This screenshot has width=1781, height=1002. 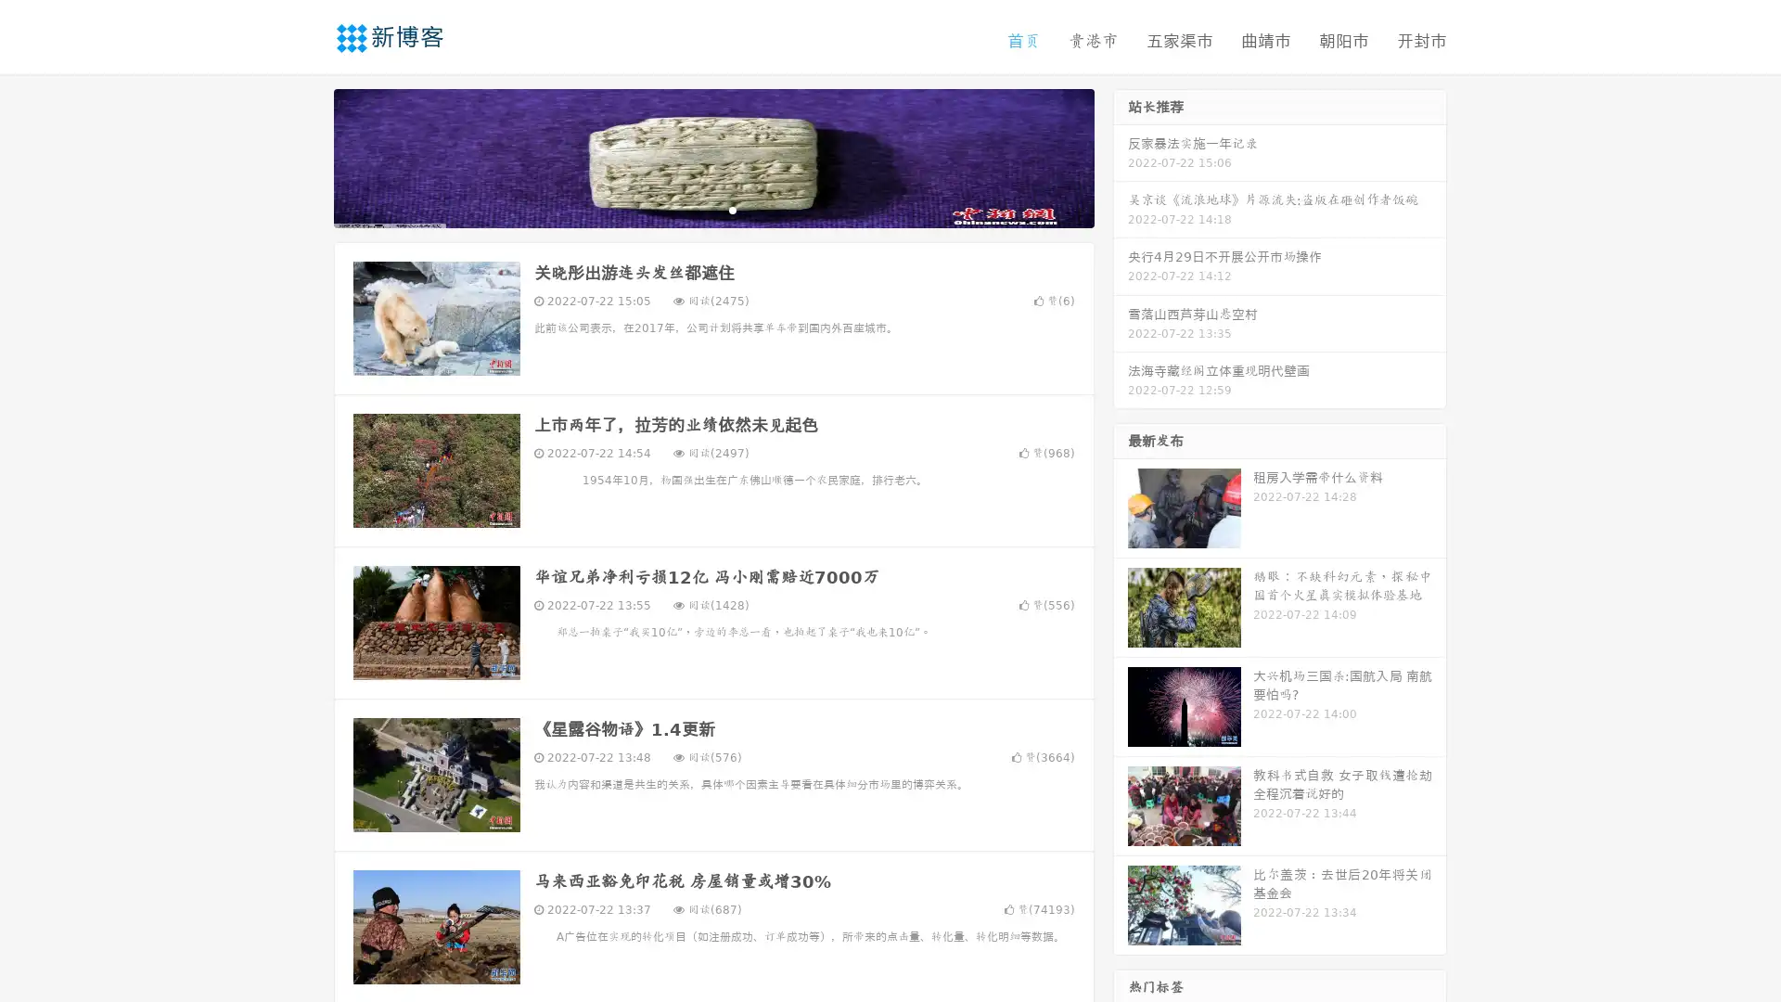 What do you see at coordinates (306, 156) in the screenshot?
I see `Previous slide` at bounding box center [306, 156].